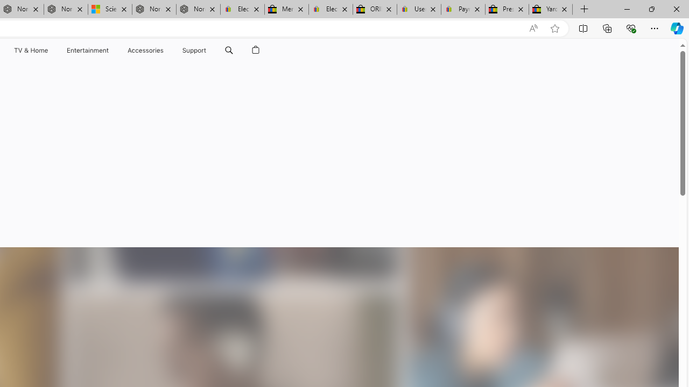 The height and width of the screenshot is (387, 689). Describe the element at coordinates (418, 9) in the screenshot. I see `'User Privacy Notice | eBay'` at that location.